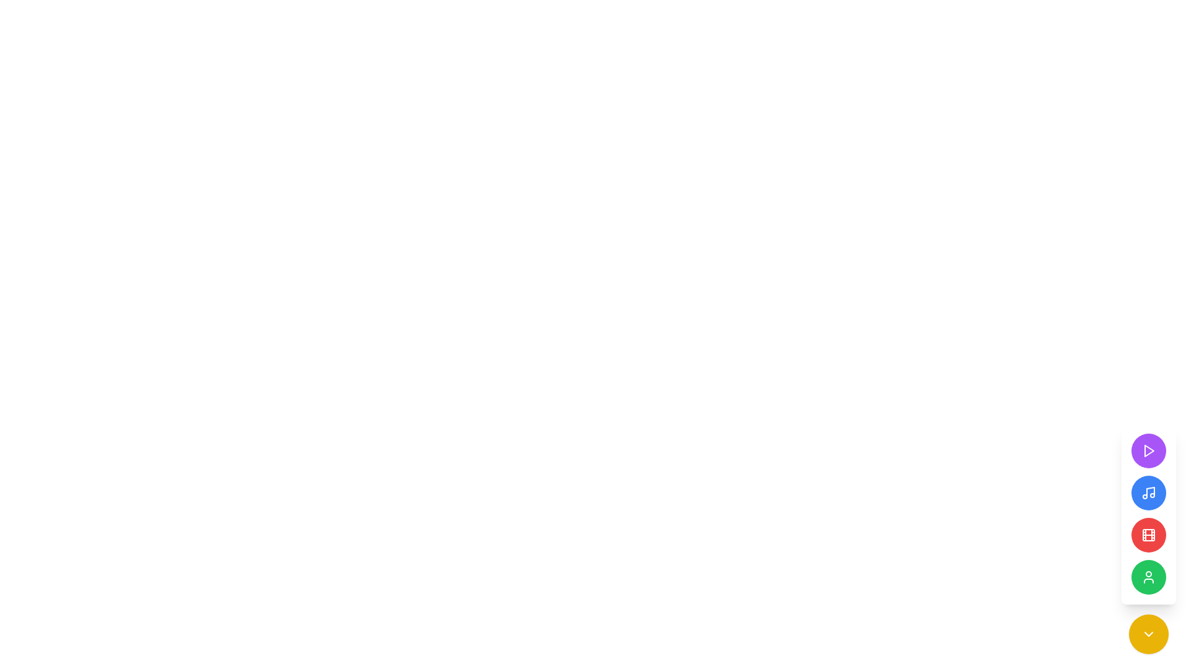  Describe the element at coordinates (1148, 538) in the screenshot. I see `the third button from the top in the lower right corner sidebar, which is red and has a film-related icon, to trigger video-related functionalities` at that location.